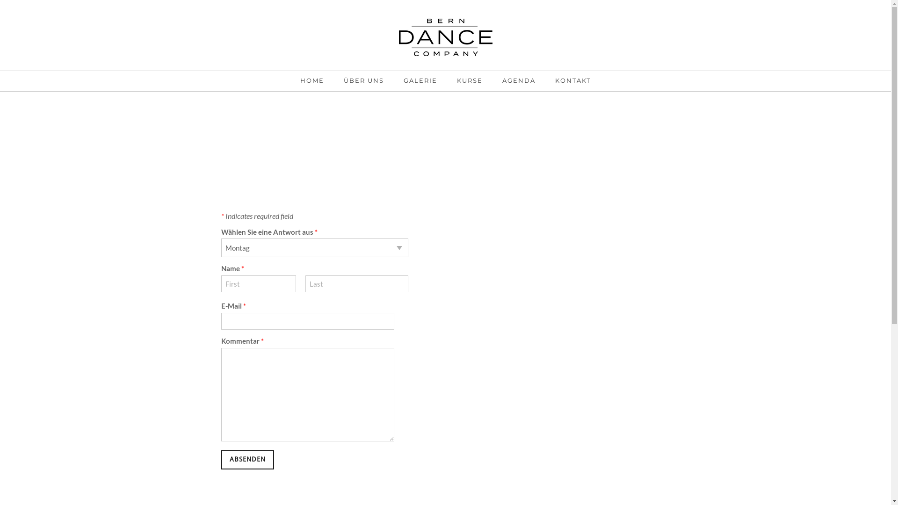  What do you see at coordinates (457, 83) in the screenshot?
I see `'KURSE'` at bounding box center [457, 83].